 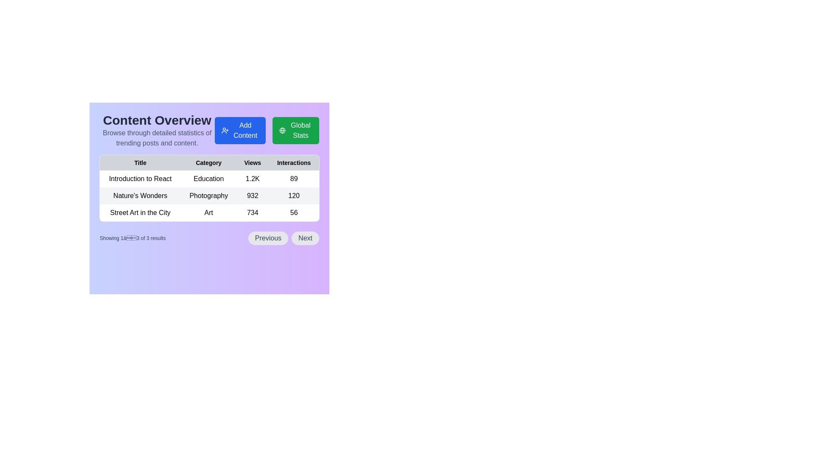 What do you see at coordinates (282, 131) in the screenshot?
I see `globe icon located on the left side of the 'Global Stats' button, which features a thin, rounded stroke and no fill color` at bounding box center [282, 131].